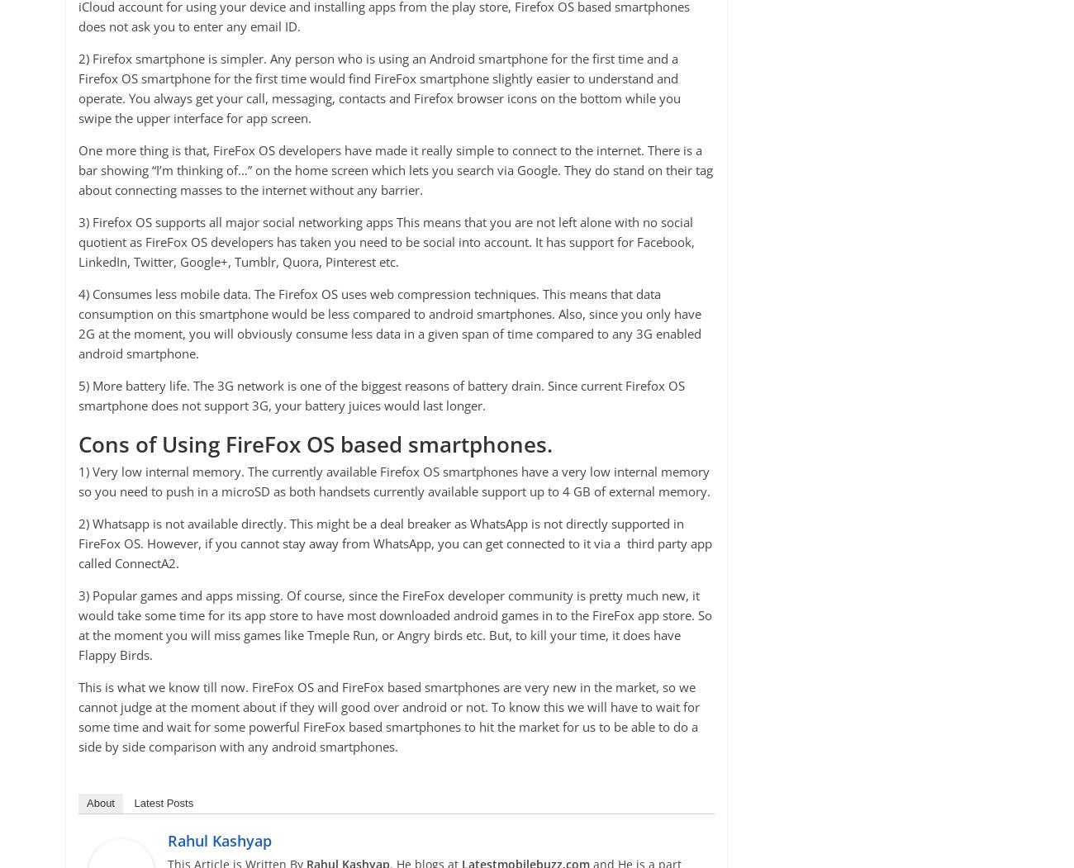 The width and height of the screenshot is (1074, 868). What do you see at coordinates (218, 838) in the screenshot?
I see `'Rahul Kashyap'` at bounding box center [218, 838].